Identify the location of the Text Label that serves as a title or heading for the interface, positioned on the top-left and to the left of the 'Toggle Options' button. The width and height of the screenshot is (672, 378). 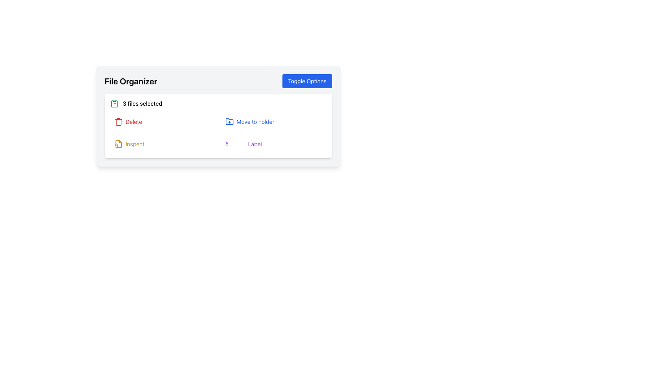
(131, 80).